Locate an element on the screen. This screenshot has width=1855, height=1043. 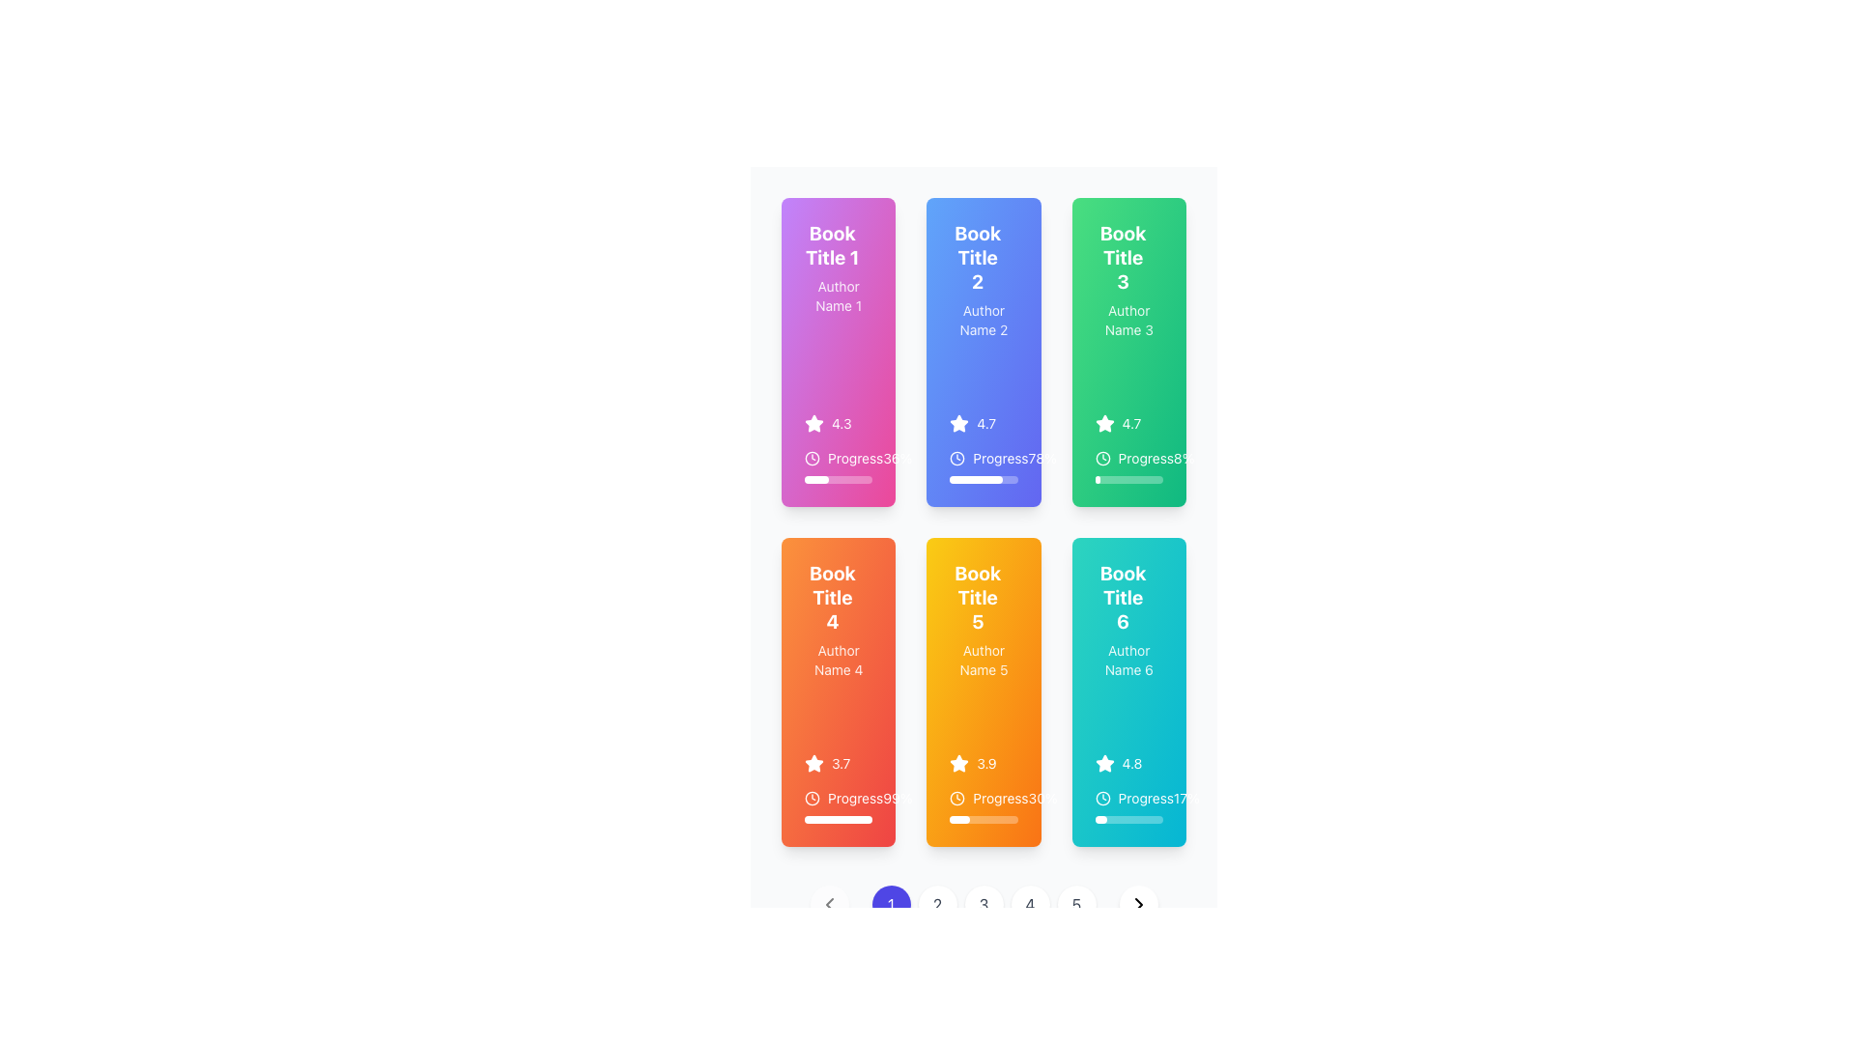
the white horizontal progress bar located at the bottom of the card for 'Book Title 4', which is styled smoothly and is positioned centrally in the lower area of the card is located at coordinates (838, 819).